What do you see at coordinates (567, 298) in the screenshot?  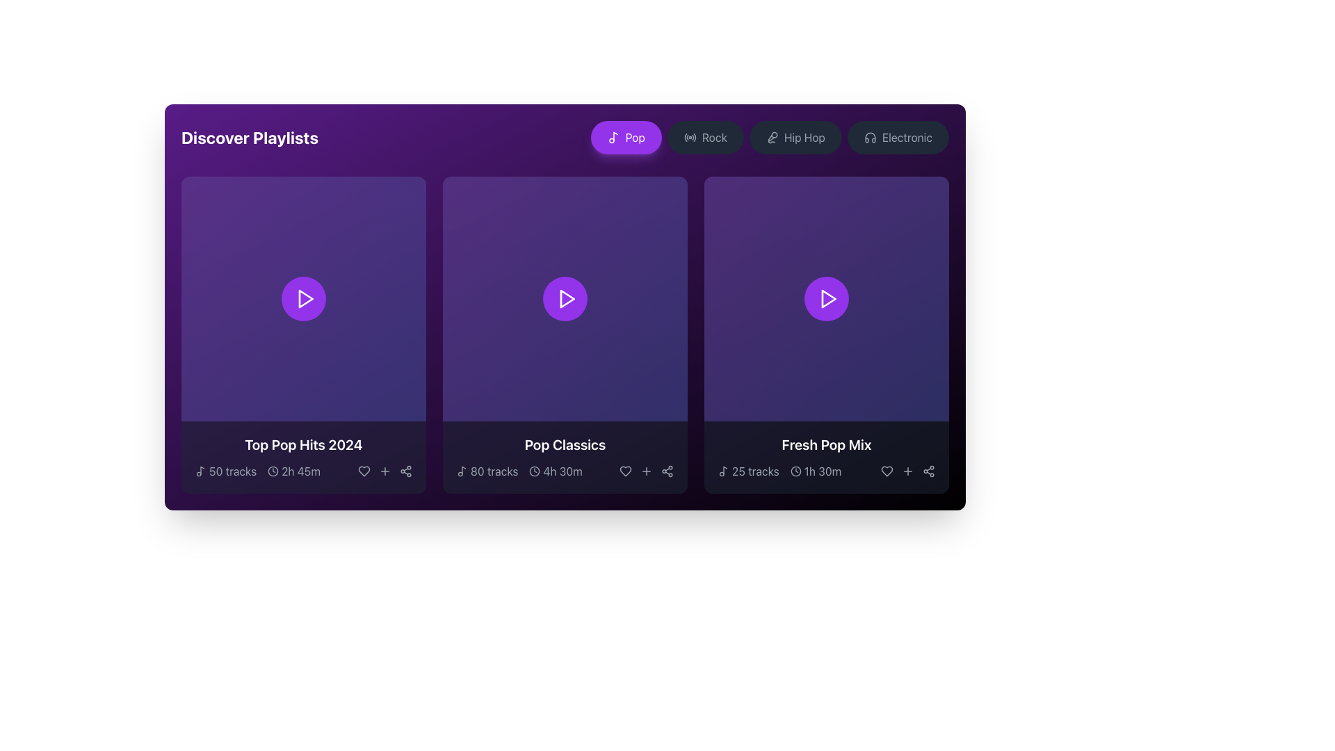 I see `the triangular play button icon, which is bright purple and located in the middle card of the playlist section titled 'Pop Classics'` at bounding box center [567, 298].